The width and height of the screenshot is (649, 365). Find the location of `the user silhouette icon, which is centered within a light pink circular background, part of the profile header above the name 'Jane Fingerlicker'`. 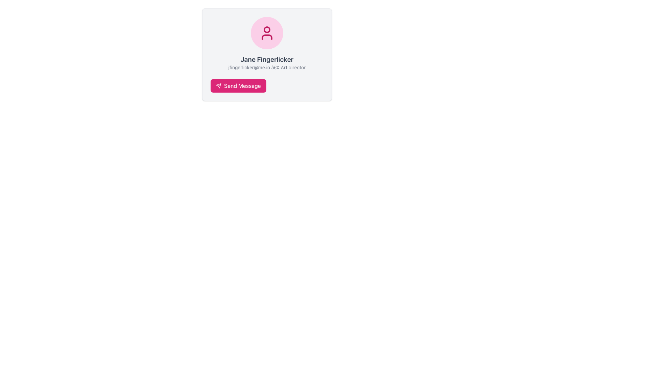

the user silhouette icon, which is centered within a light pink circular background, part of the profile header above the name 'Jane Fingerlicker' is located at coordinates (267, 33).